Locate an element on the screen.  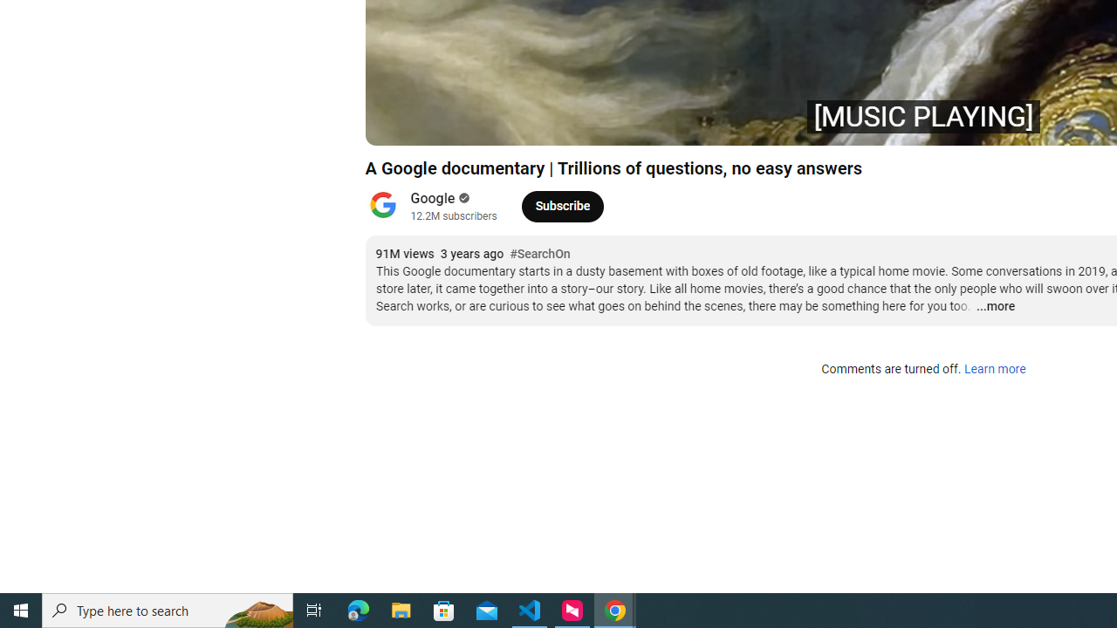
'Next (SHIFT+n)' is located at coordinates (436, 123).